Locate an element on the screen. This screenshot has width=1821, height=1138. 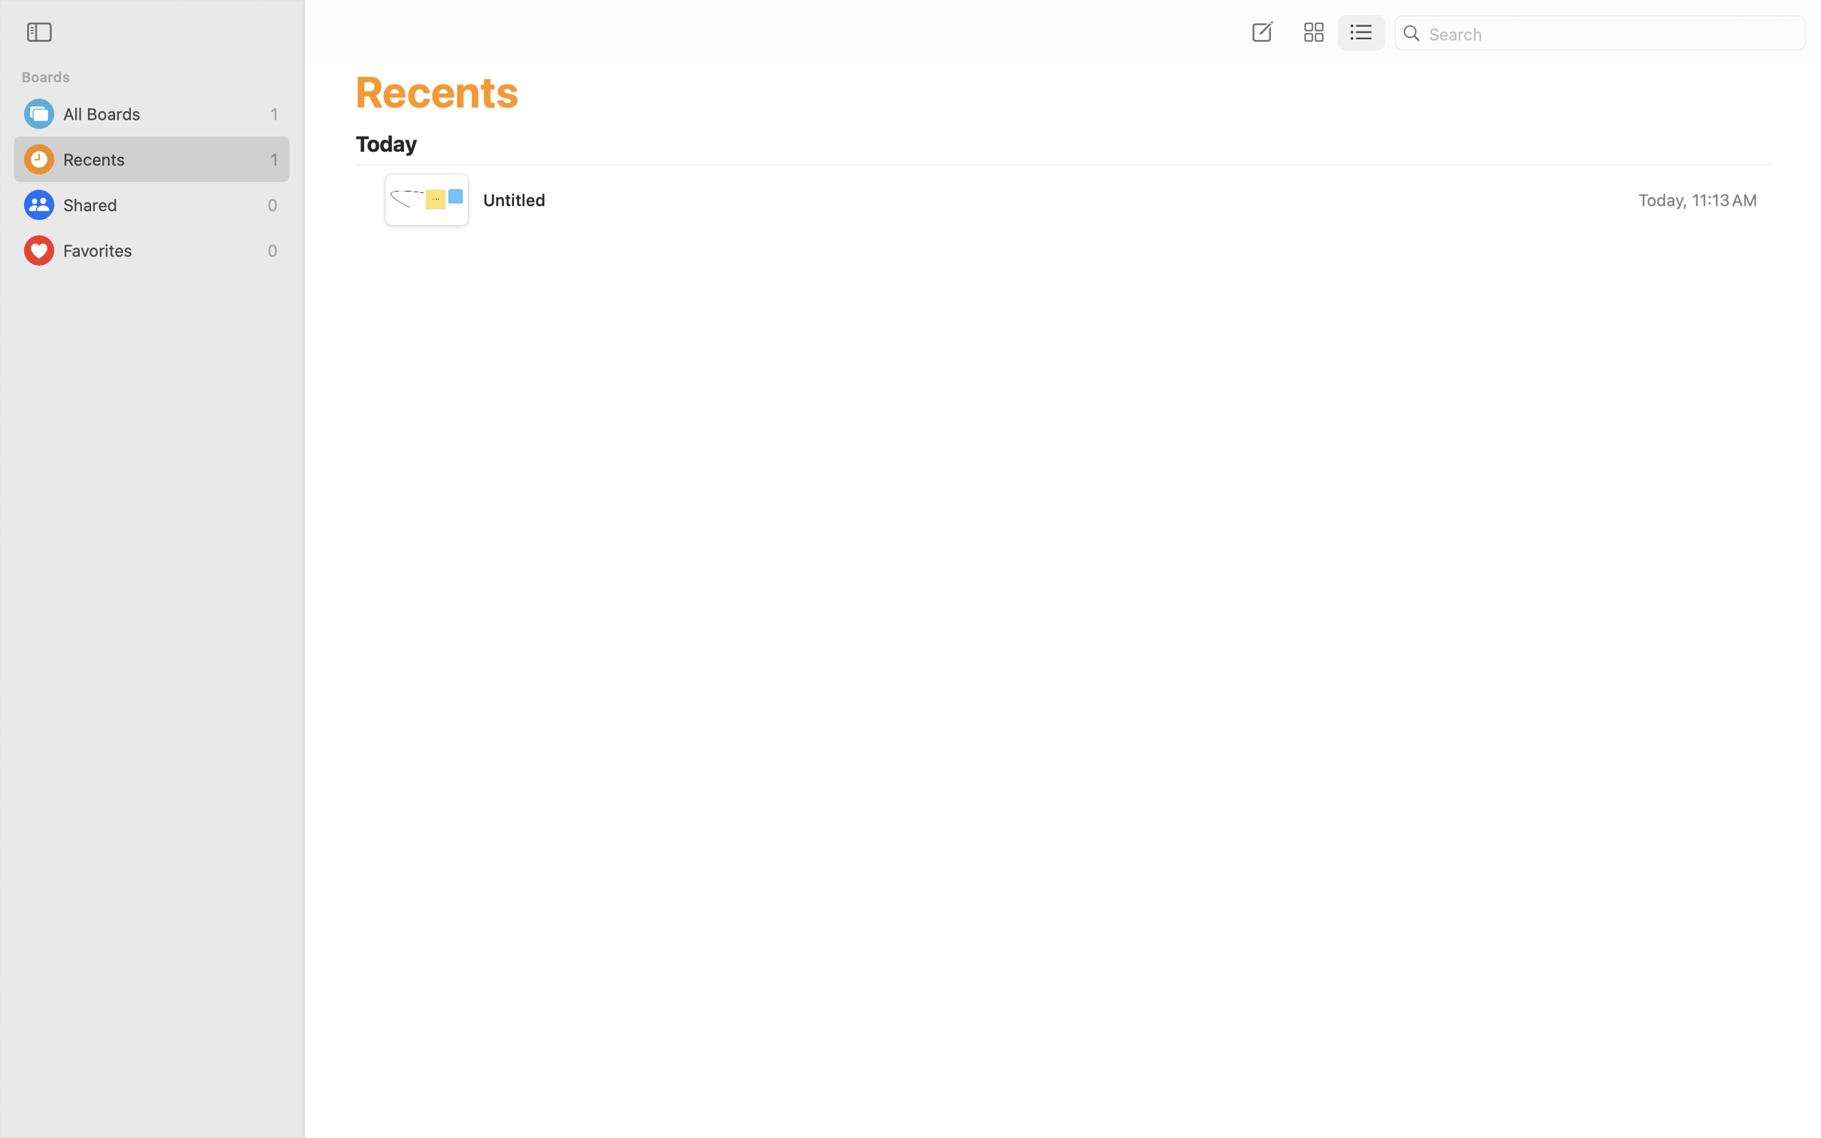
'Favorites' is located at coordinates (161, 250).